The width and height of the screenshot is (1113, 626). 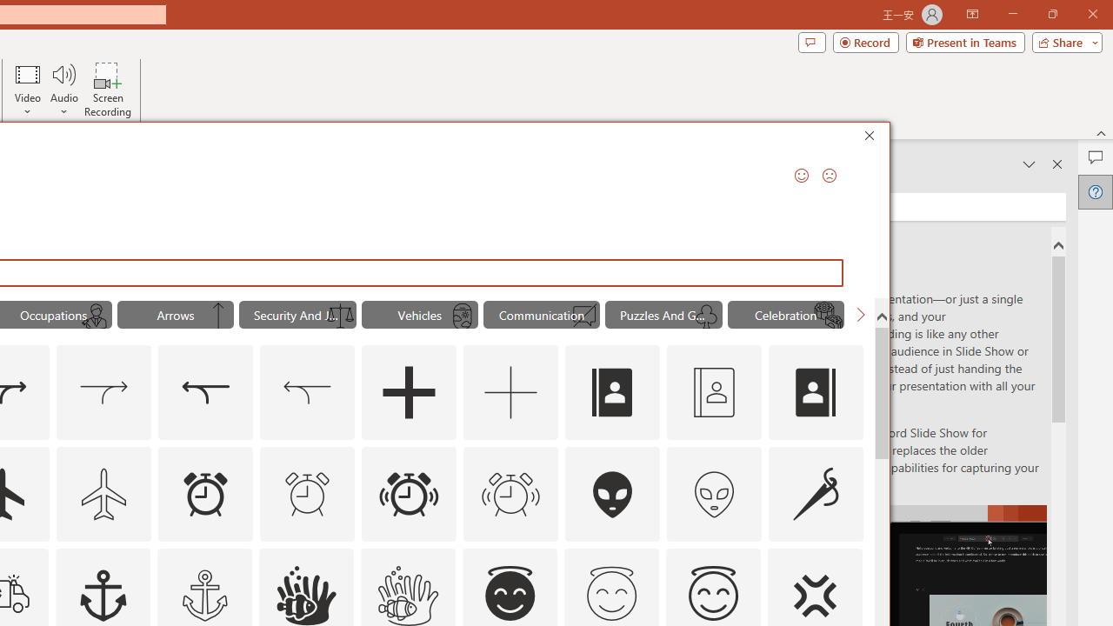 I want to click on '"Arrows" Icons.', so click(x=175, y=315).